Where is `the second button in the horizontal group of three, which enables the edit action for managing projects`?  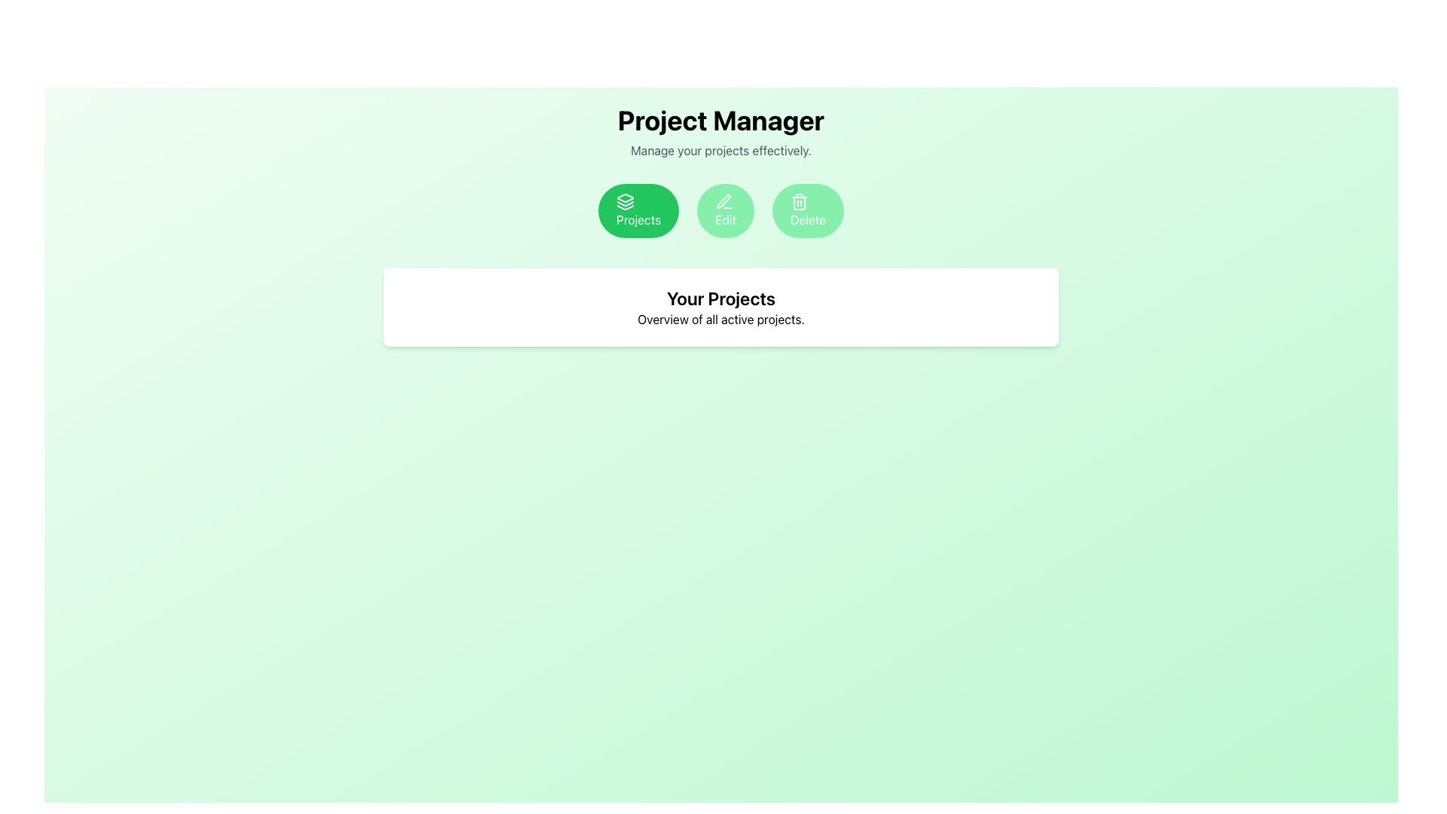
the second button in the horizontal group of three, which enables the edit action for managing projects is located at coordinates (726, 211).